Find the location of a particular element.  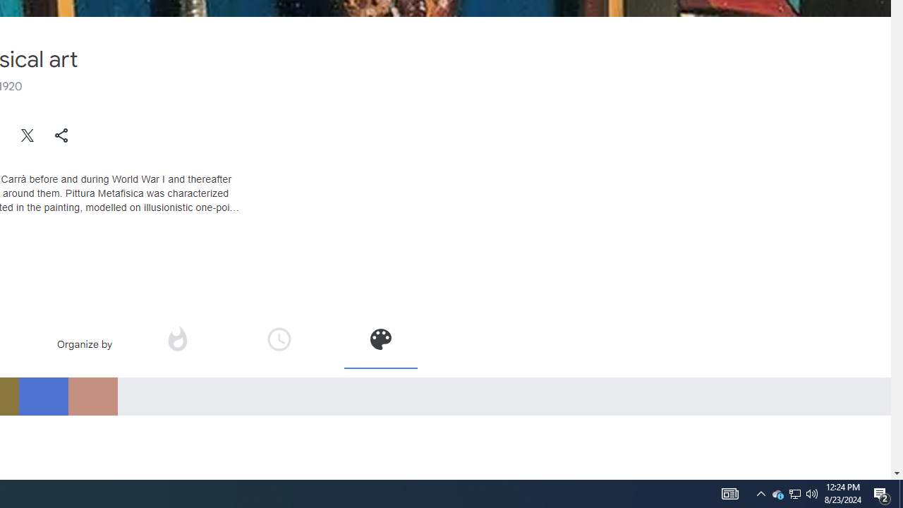

'RGB_4D72D0' is located at coordinates (43, 396).